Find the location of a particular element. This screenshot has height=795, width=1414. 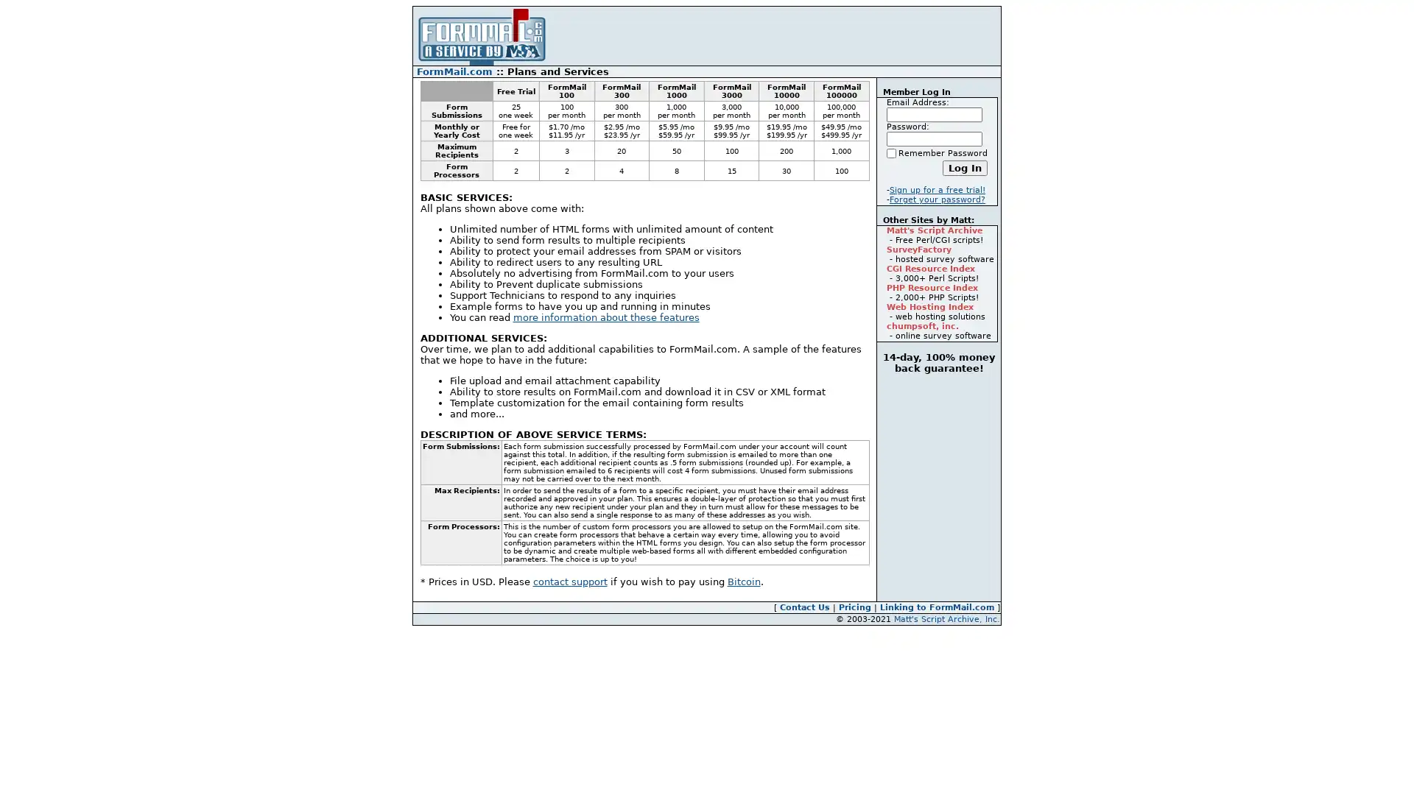

Log In is located at coordinates (965, 167).